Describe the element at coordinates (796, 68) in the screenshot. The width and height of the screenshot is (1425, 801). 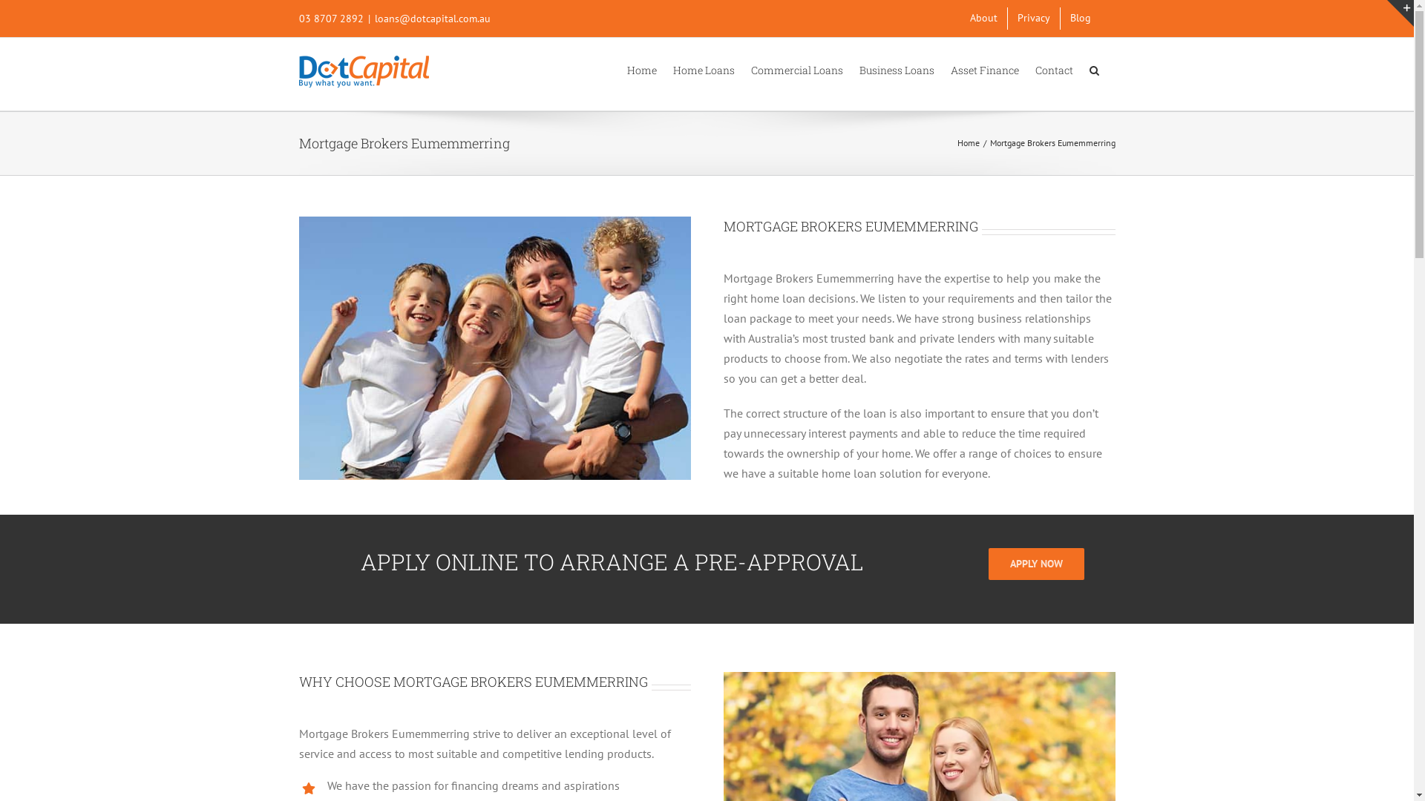
I see `'Commercial Loans'` at that location.